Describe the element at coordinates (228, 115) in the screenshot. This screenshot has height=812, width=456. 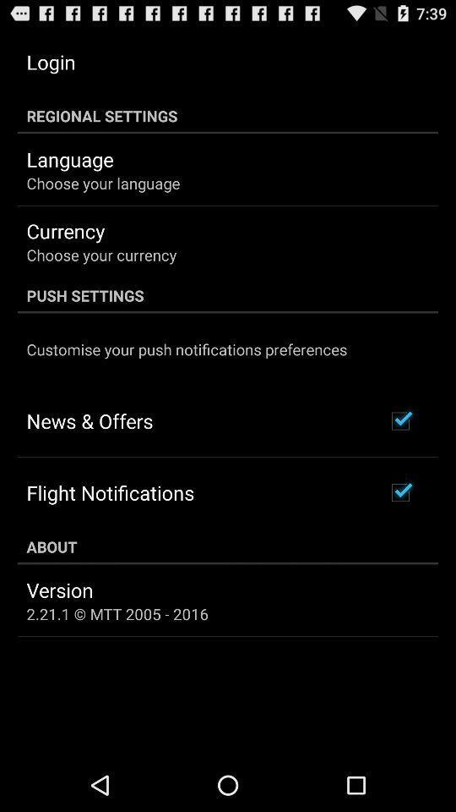
I see `the regional settings` at that location.